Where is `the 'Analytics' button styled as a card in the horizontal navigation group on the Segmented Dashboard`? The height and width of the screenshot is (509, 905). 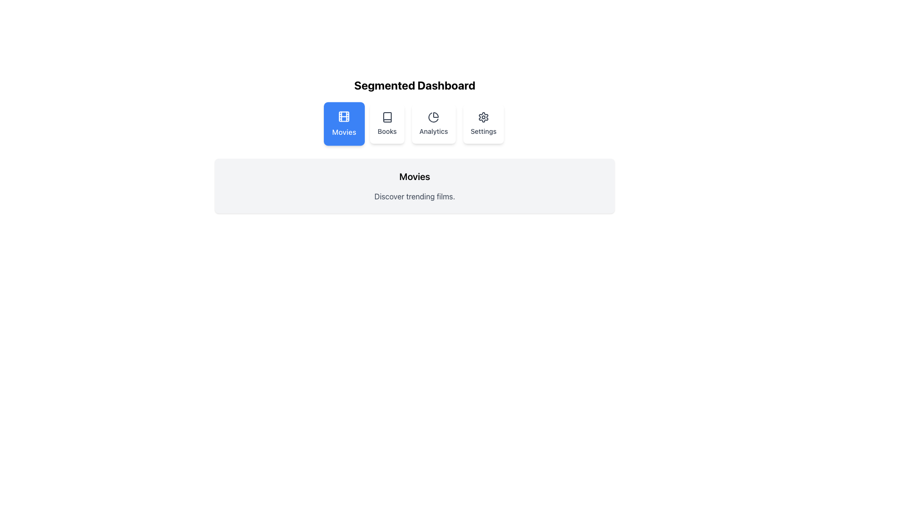 the 'Analytics' button styled as a card in the horizontal navigation group on the Segmented Dashboard is located at coordinates (433, 123).